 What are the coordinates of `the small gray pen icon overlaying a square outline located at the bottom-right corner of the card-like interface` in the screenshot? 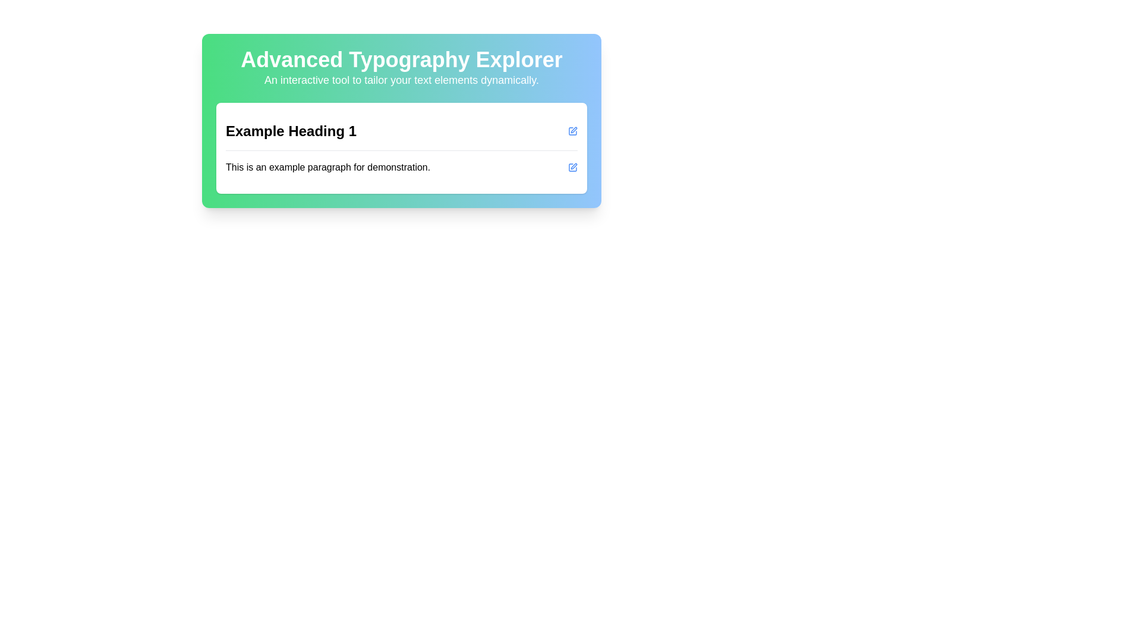 It's located at (573, 166).